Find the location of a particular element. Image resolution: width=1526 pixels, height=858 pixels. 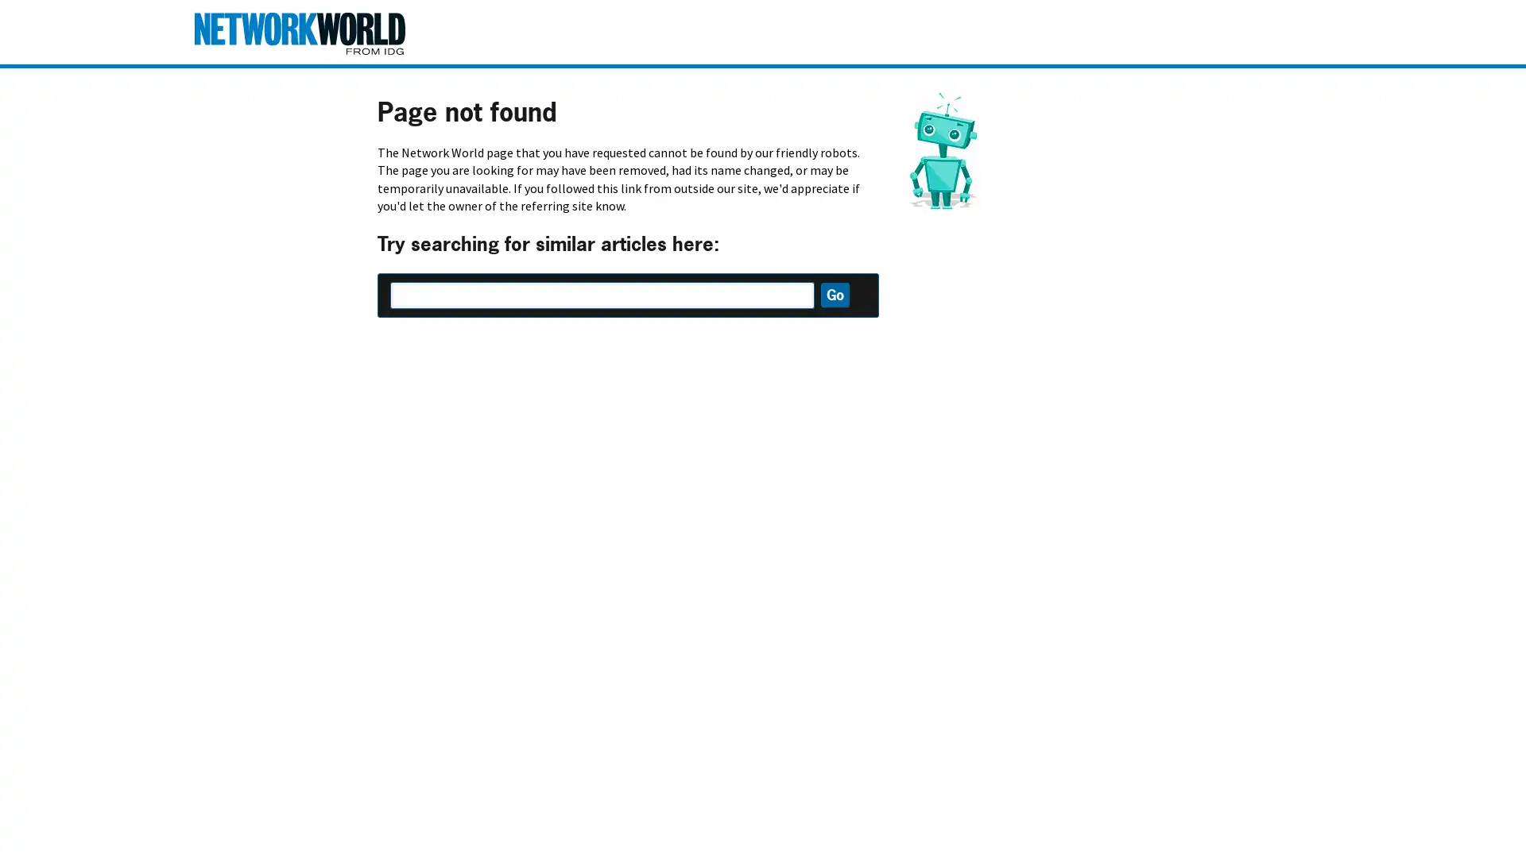

Go is located at coordinates (834, 295).